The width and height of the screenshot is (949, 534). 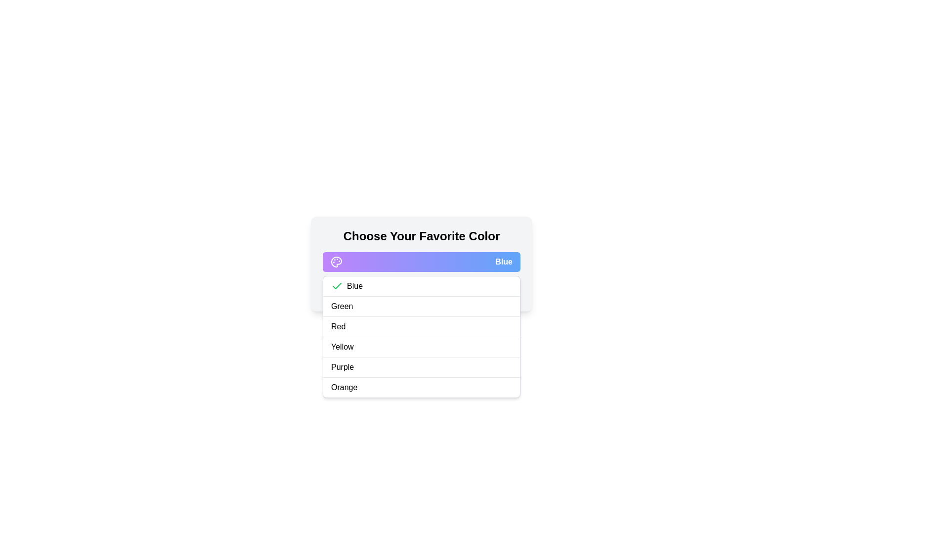 I want to click on the 'Reset Selection' button with a red background and white text, so click(x=422, y=289).